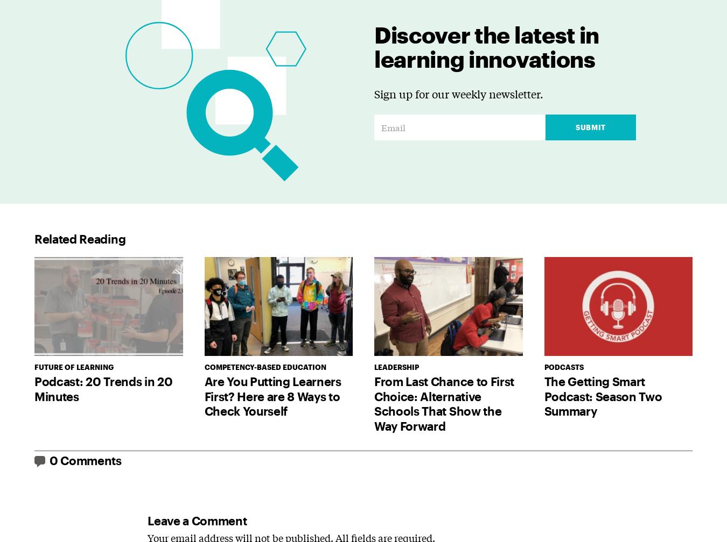 This screenshot has height=542, width=727. What do you see at coordinates (85, 460) in the screenshot?
I see `'0 Comments'` at bounding box center [85, 460].